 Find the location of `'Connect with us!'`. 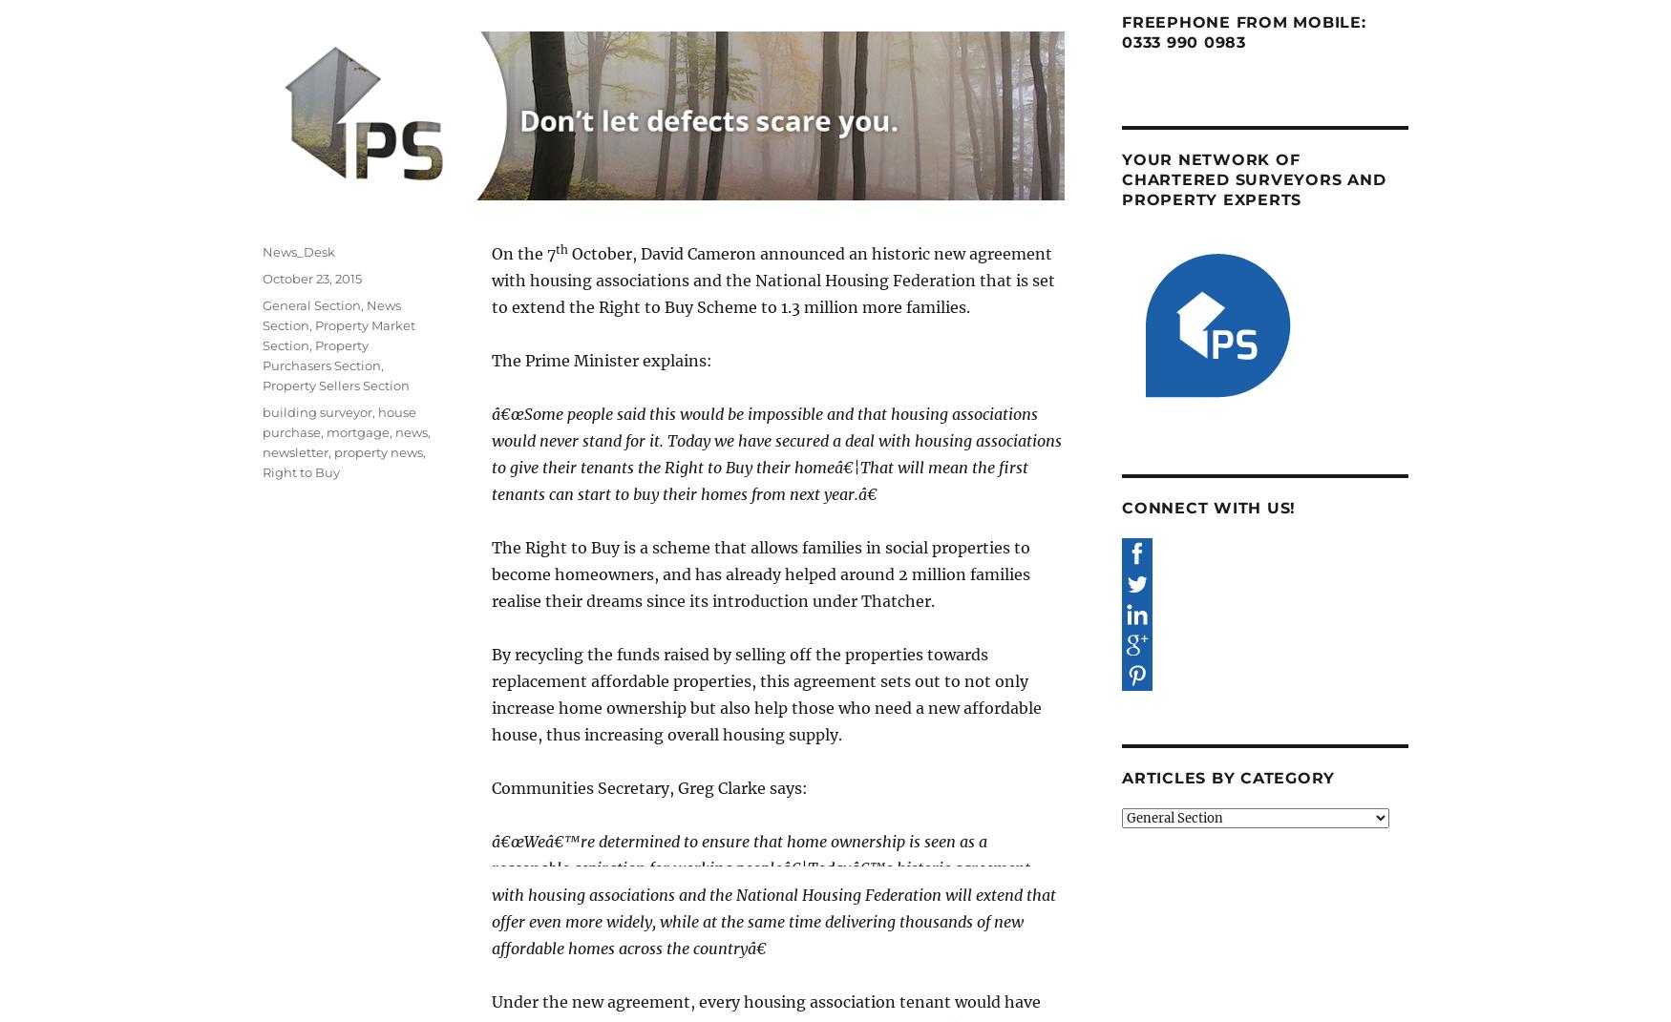

'Connect with us!' is located at coordinates (1120, 507).